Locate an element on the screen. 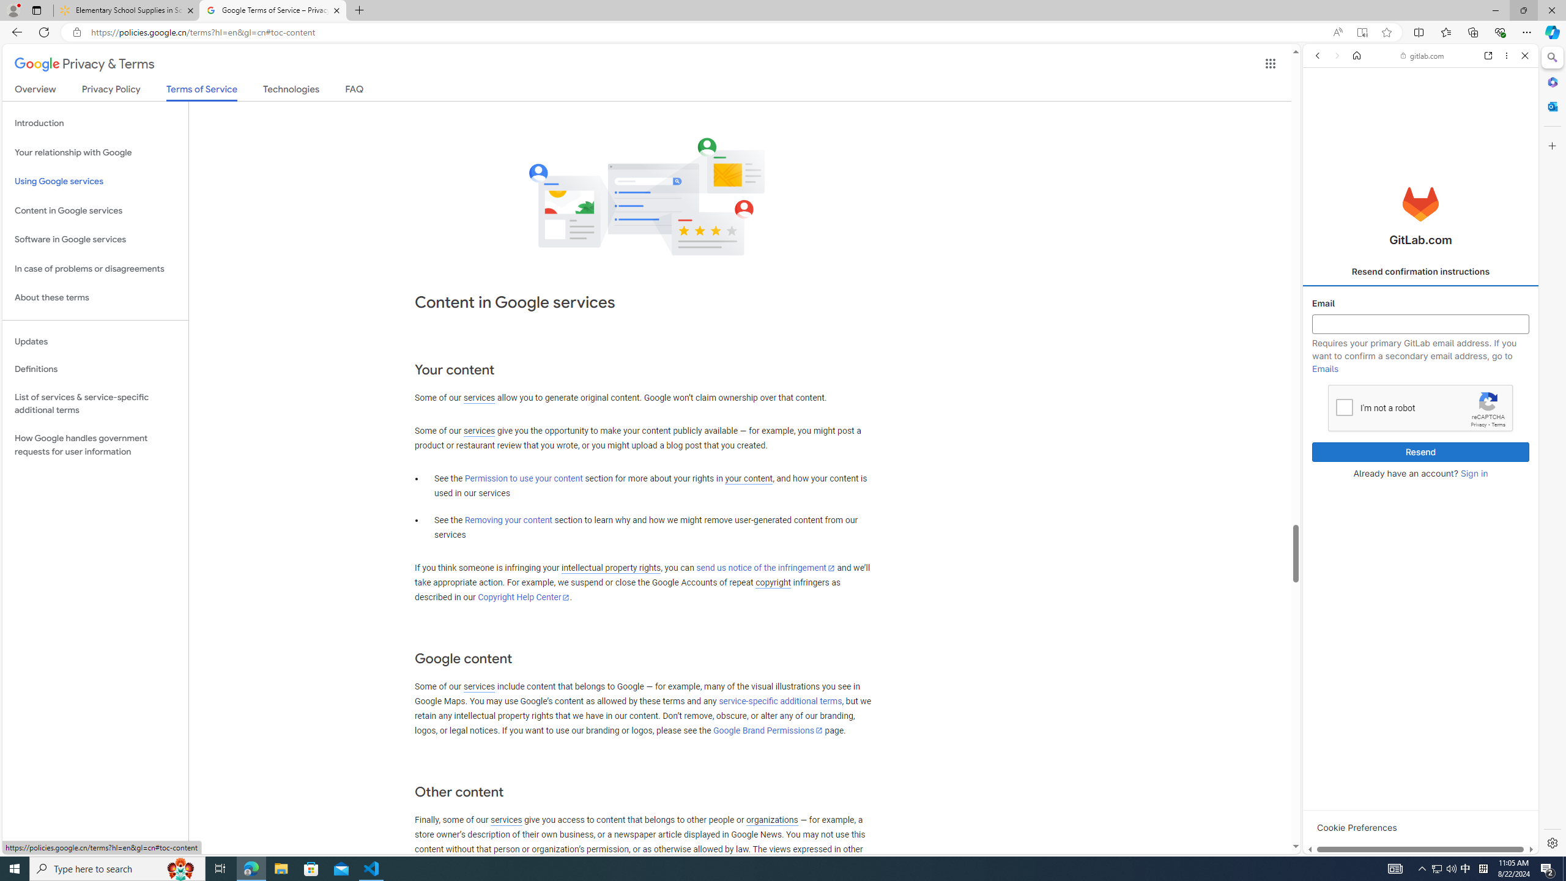 This screenshot has width=1566, height=881. 'ALL  ' is located at coordinates (1321, 140).